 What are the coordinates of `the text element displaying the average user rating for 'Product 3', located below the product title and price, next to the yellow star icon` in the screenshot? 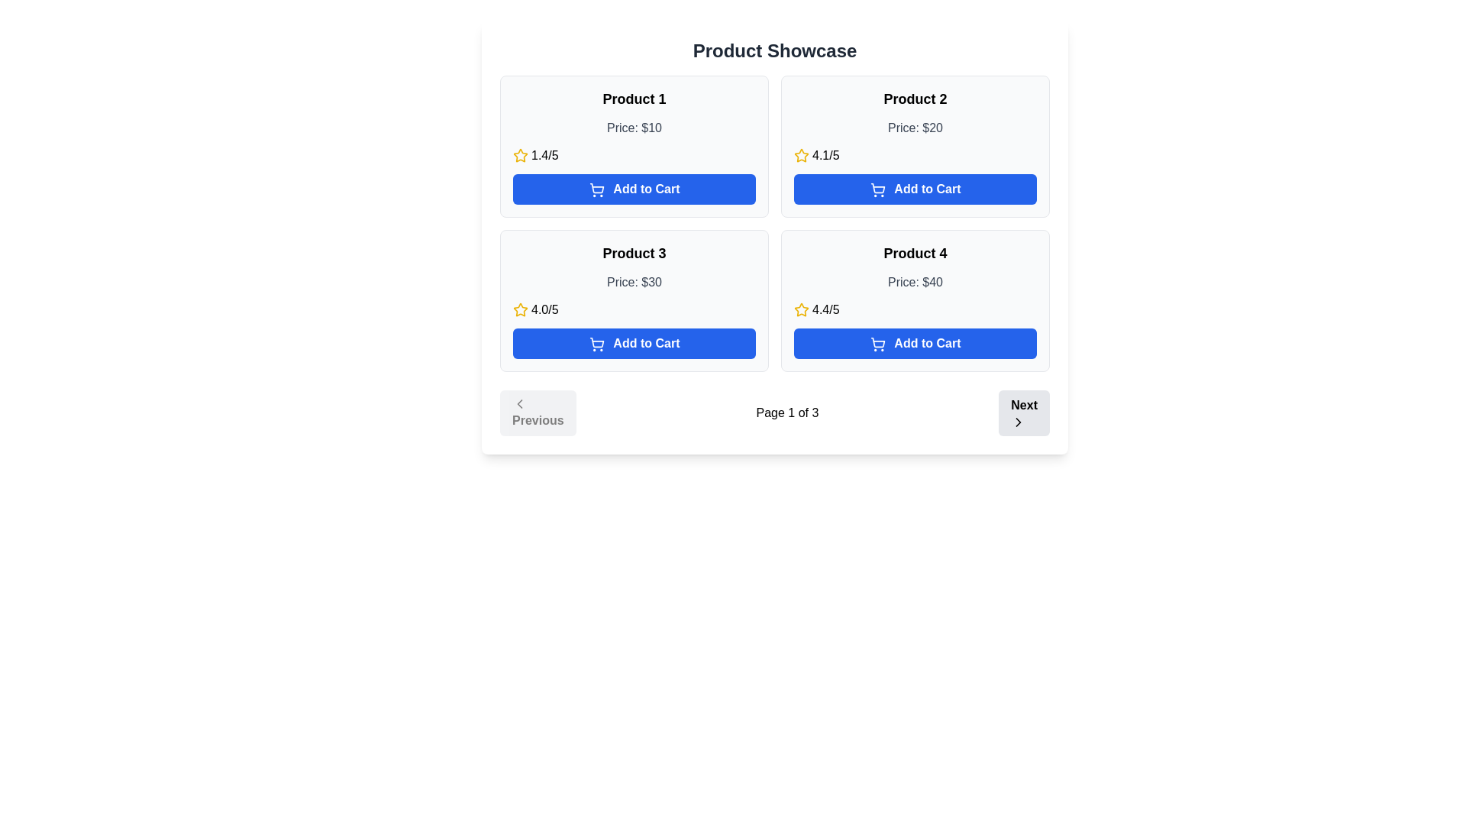 It's located at (544, 309).